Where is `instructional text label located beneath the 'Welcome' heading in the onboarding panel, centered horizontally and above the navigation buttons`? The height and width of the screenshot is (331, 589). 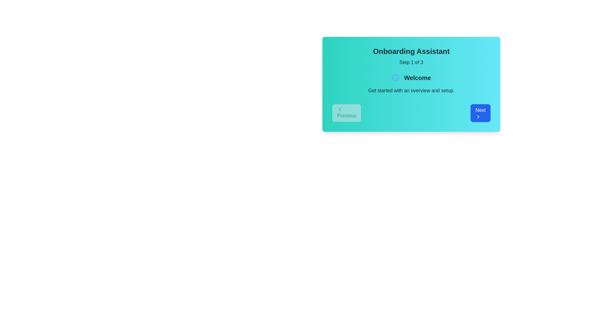
instructional text label located beneath the 'Welcome' heading in the onboarding panel, centered horizontally and above the navigation buttons is located at coordinates (411, 91).